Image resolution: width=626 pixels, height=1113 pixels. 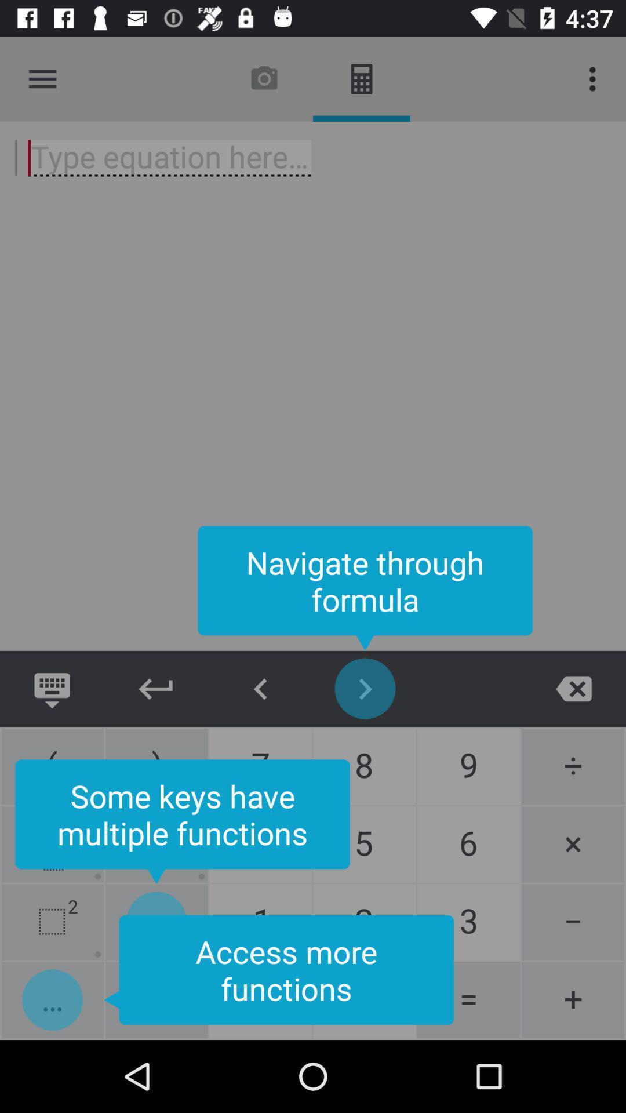 I want to click on the arrow_backward icon, so click(x=261, y=689).